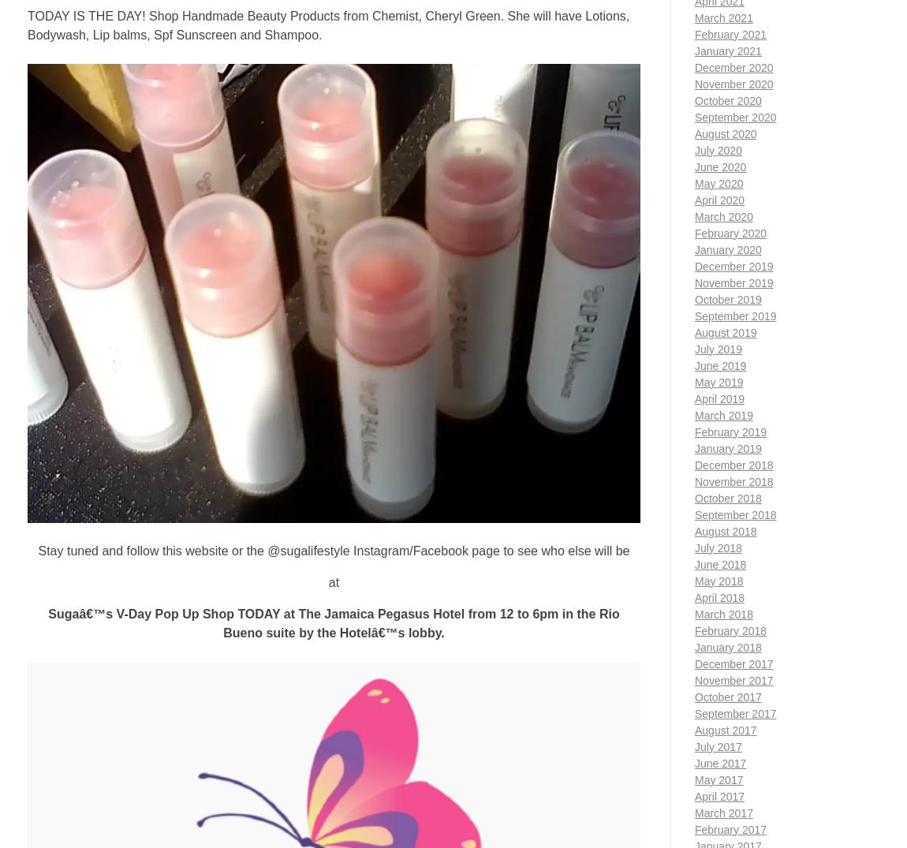 This screenshot has height=848, width=907. Describe the element at coordinates (719, 398) in the screenshot. I see `'April 2019'` at that location.